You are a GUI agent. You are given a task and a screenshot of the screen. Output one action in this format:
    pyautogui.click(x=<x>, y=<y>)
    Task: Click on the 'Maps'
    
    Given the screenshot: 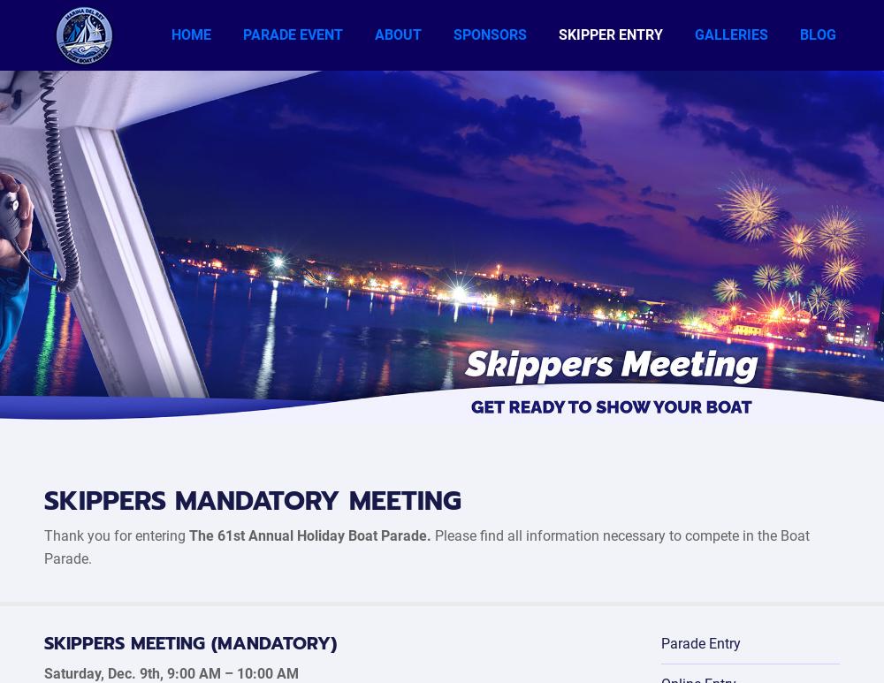 What is the action you would take?
    pyautogui.click(x=259, y=260)
    